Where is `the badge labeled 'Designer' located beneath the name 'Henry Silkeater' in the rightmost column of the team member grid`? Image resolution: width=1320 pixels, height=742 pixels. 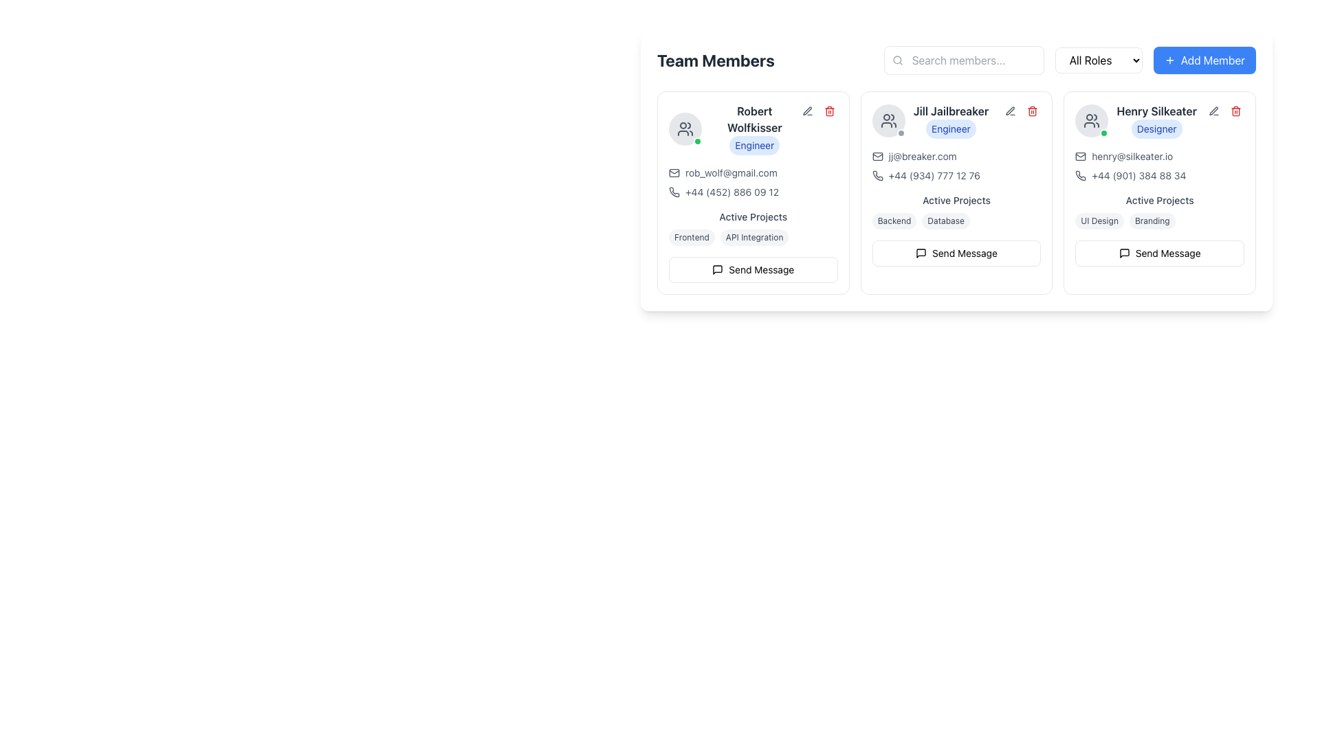
the badge labeled 'Designer' located beneath the name 'Henry Silkeater' in the rightmost column of the team member grid is located at coordinates (1156, 129).